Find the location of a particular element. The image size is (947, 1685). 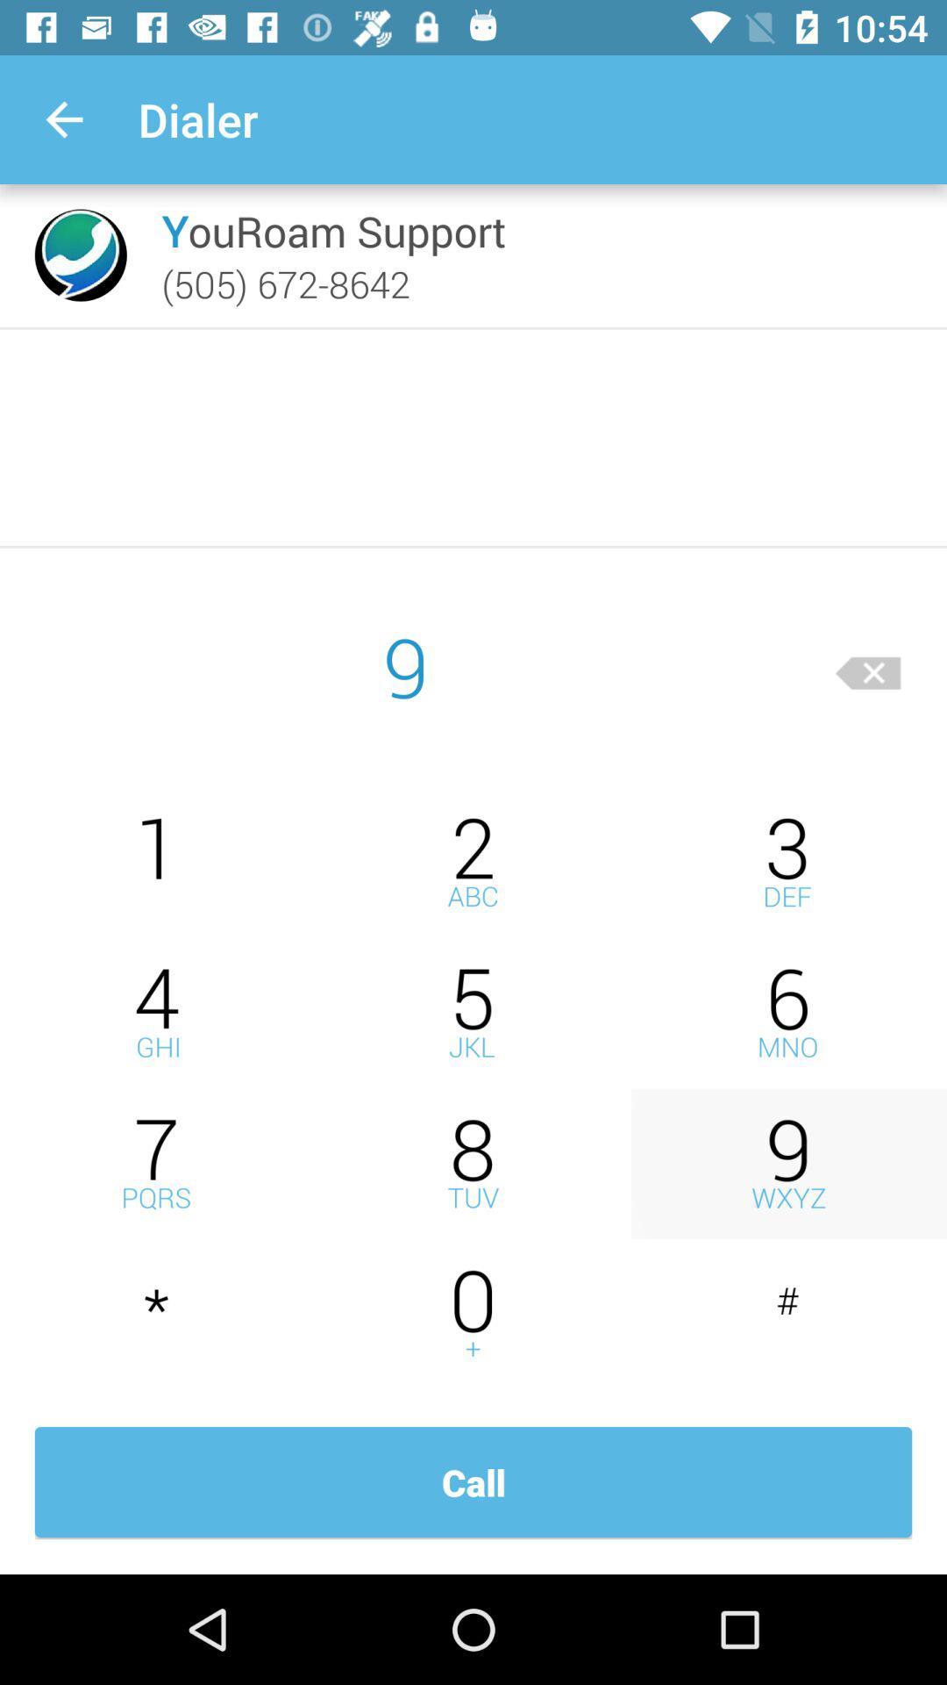

dialler number 3 is located at coordinates (787, 862).